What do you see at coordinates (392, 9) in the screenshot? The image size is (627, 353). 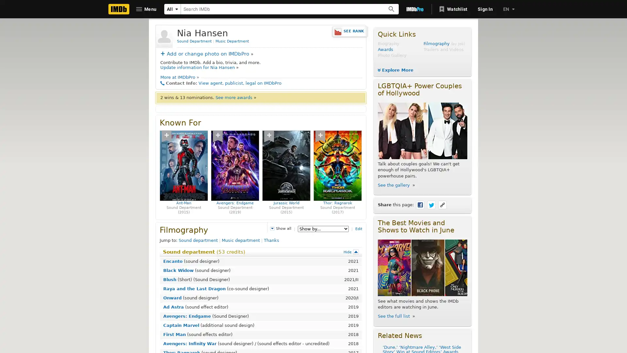 I see `Submit Search` at bounding box center [392, 9].